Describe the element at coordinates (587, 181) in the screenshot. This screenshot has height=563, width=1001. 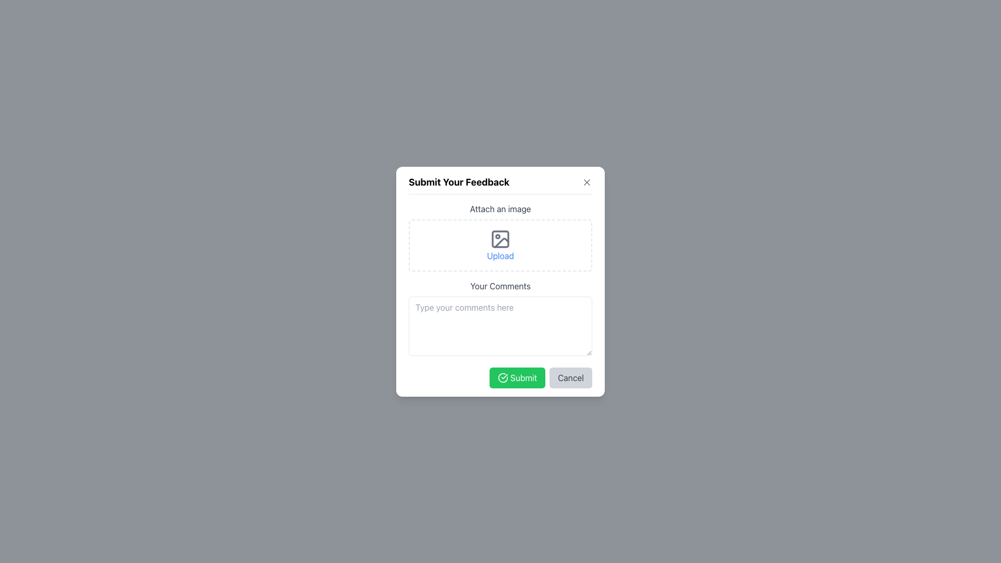
I see `the close button (X icon) located at the top-right corner of the 'Submit Your Feedback' modal` at that location.